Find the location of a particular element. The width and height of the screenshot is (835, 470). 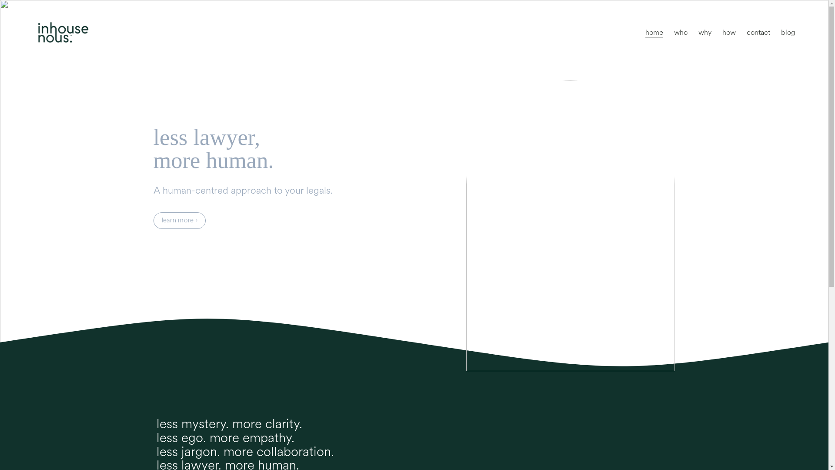

'blog' is located at coordinates (788, 32).